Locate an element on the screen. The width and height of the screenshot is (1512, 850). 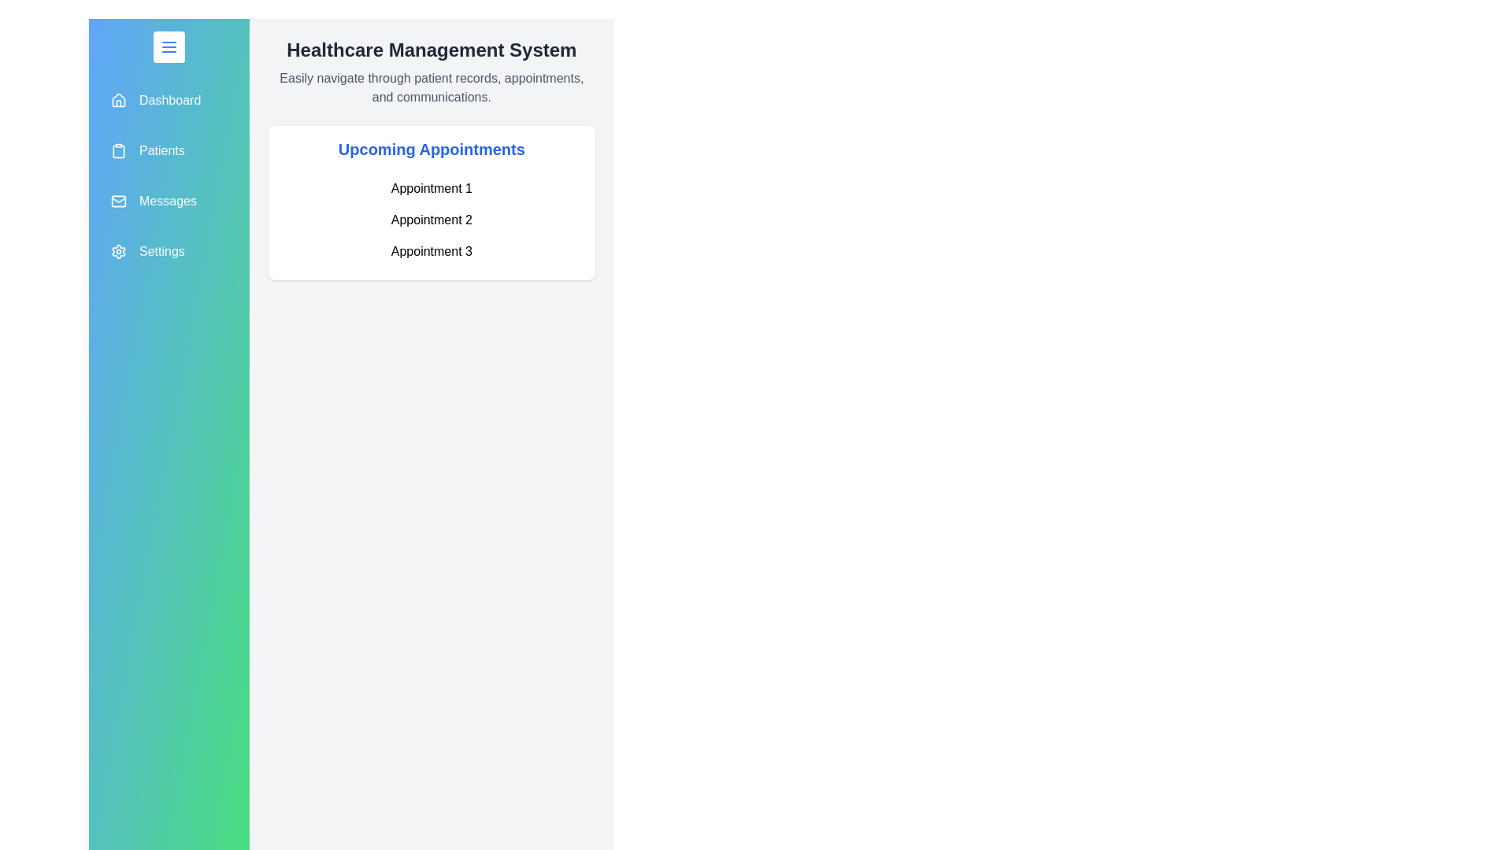
the navigation item Messages is located at coordinates (169, 200).